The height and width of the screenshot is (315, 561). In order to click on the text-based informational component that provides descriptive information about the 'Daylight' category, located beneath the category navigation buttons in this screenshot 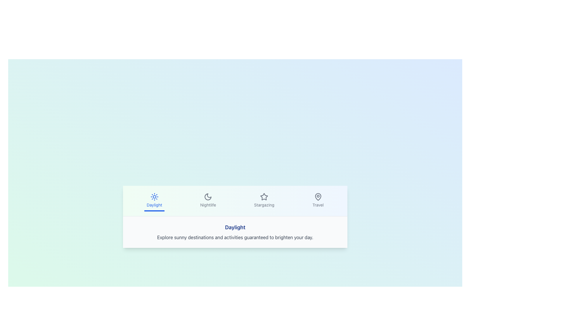, I will do `click(235, 232)`.